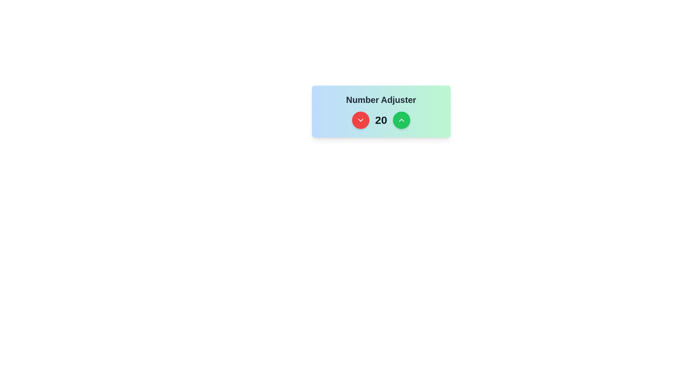 Image resolution: width=694 pixels, height=390 pixels. Describe the element at coordinates (401, 120) in the screenshot. I see `the circular green button with a white upward arrow icon, which is the last element in a horizontal arrangement of buttons` at that location.